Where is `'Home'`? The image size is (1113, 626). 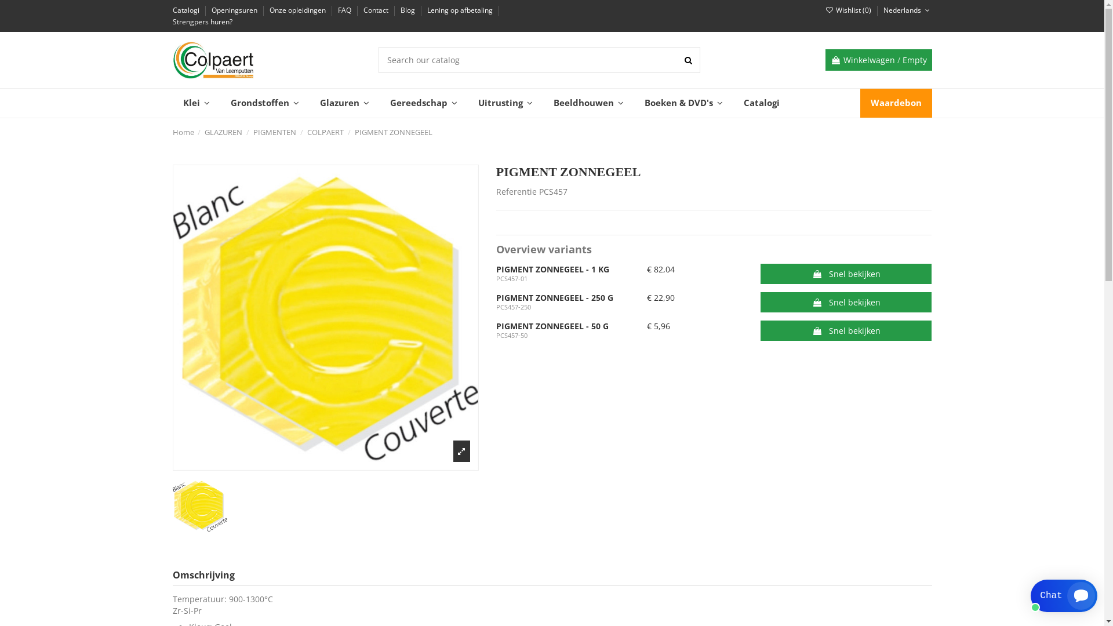
'Home' is located at coordinates (172, 131).